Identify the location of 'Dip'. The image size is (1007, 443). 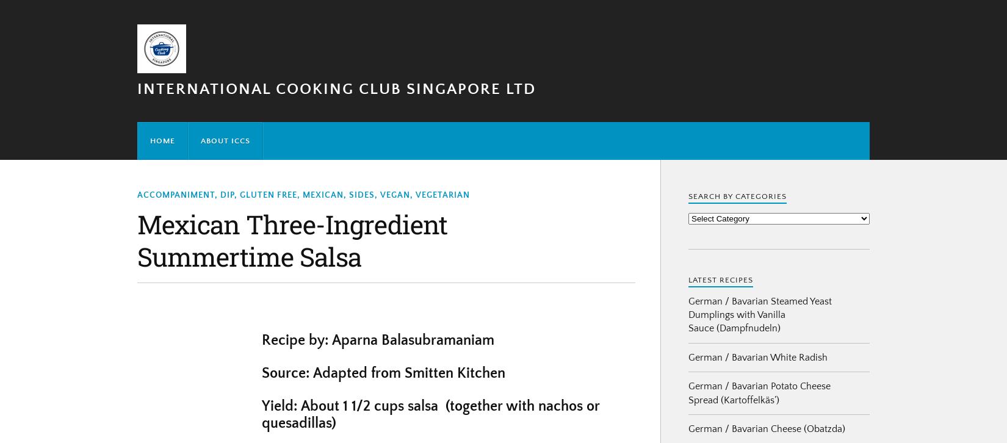
(227, 194).